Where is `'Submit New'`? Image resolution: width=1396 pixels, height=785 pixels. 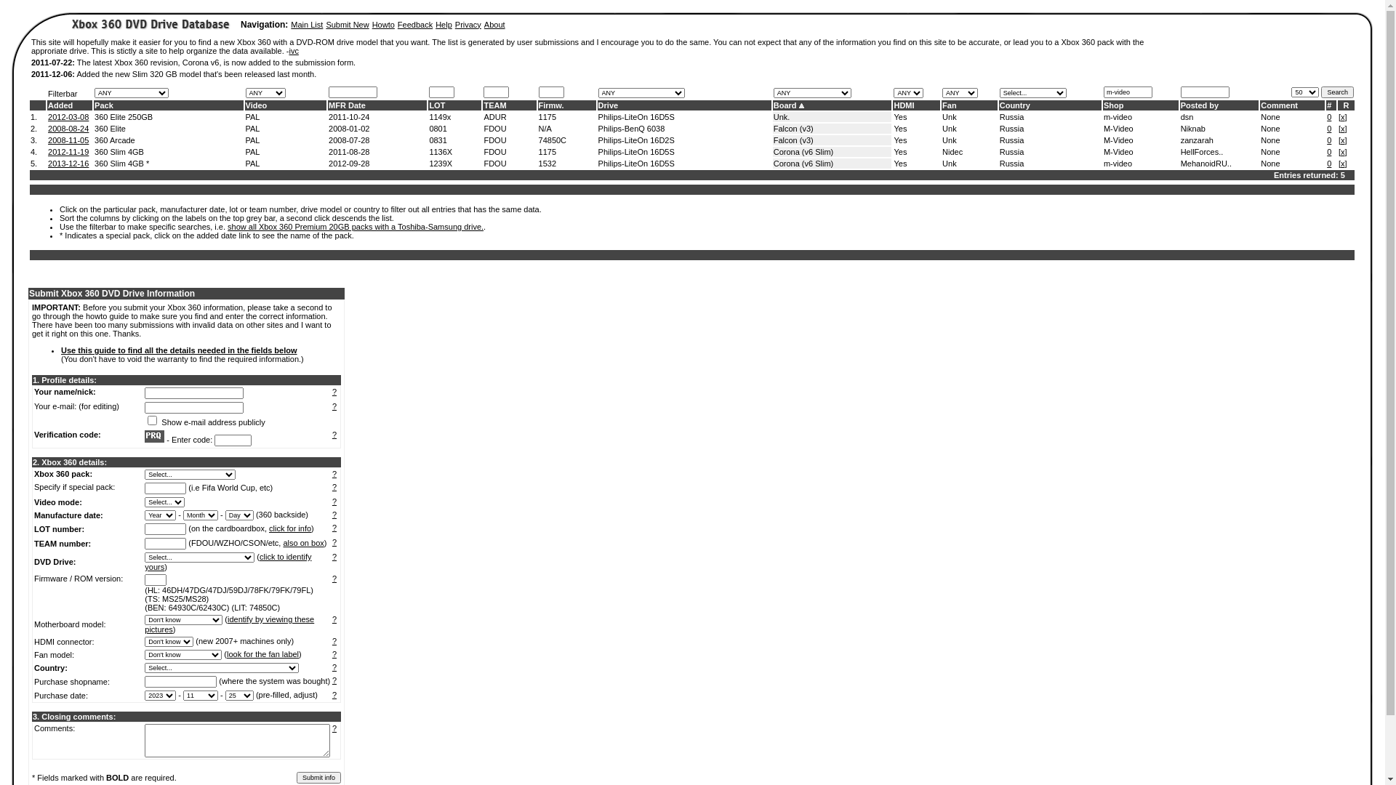
'Submit New' is located at coordinates (346, 25).